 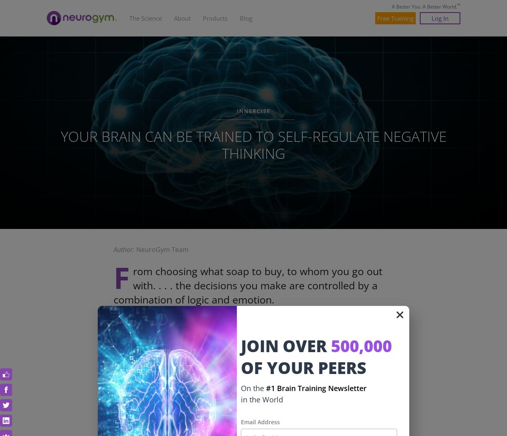 I want to click on 'Email Address', so click(x=260, y=421).